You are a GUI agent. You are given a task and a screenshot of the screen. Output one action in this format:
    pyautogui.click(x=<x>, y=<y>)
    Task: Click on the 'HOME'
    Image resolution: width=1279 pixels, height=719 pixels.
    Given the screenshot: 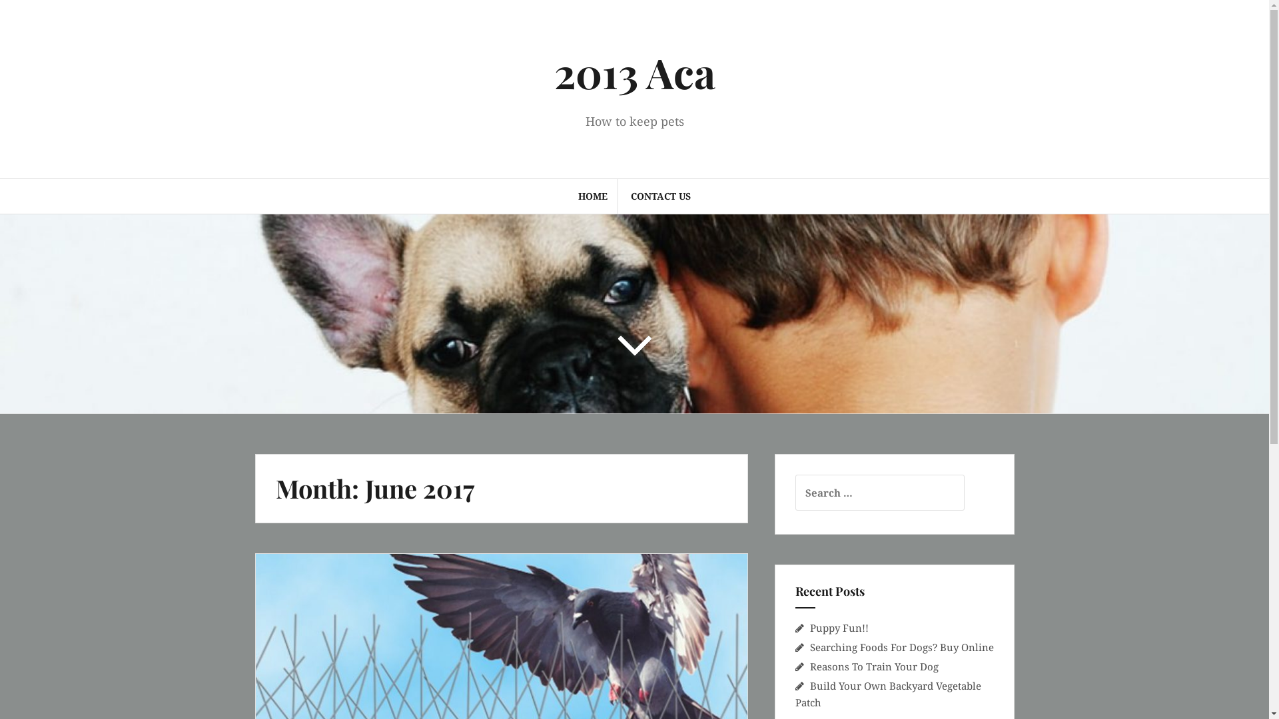 What is the action you would take?
    pyautogui.click(x=592, y=196)
    